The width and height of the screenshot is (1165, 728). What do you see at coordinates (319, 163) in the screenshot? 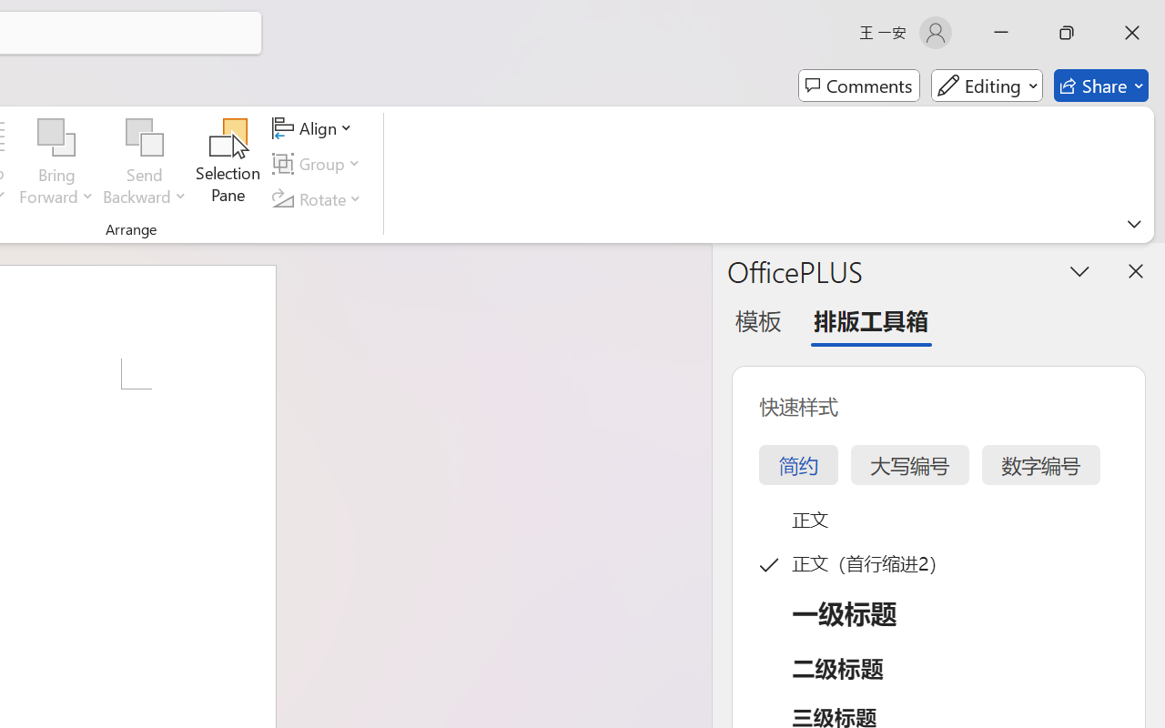
I see `'Group'` at bounding box center [319, 163].